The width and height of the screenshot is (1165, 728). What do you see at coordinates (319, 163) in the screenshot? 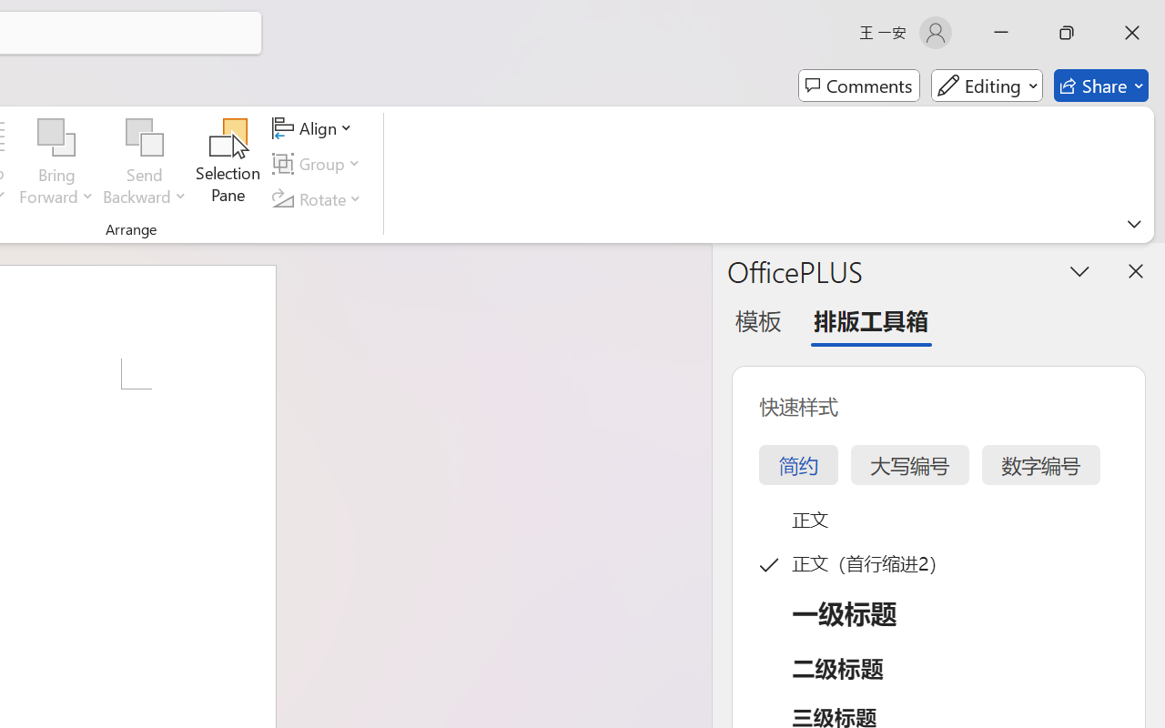
I see `'Group'` at bounding box center [319, 163].